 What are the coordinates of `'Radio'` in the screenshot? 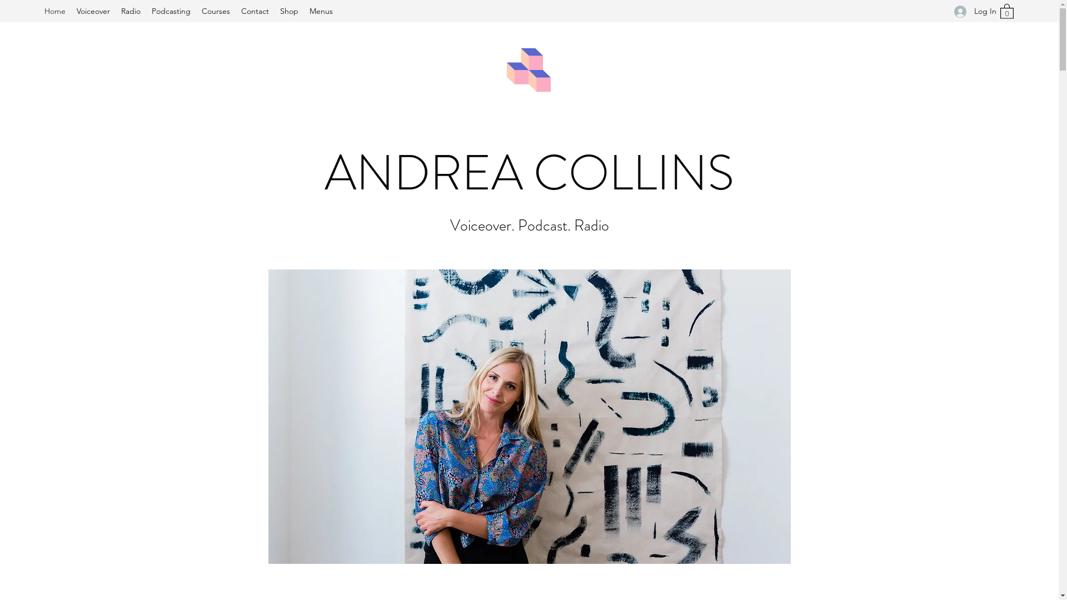 It's located at (131, 11).